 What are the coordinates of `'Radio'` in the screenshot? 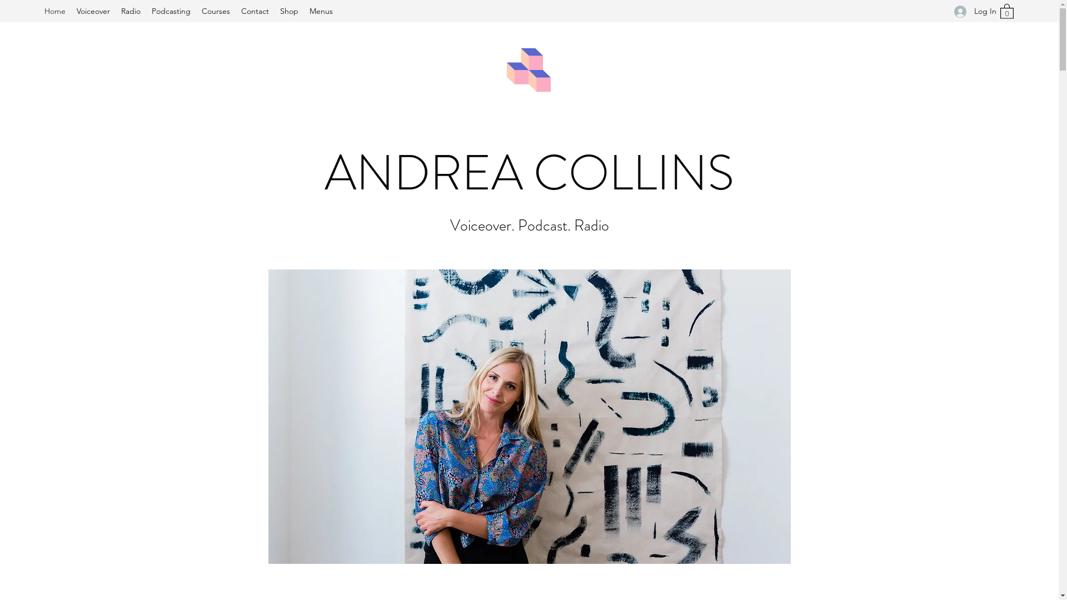 It's located at (131, 11).